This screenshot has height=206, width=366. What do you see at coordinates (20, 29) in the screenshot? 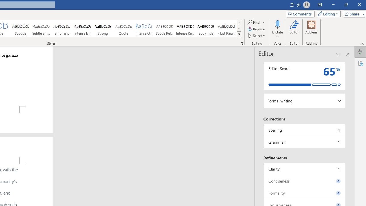
I see `'Subtitle'` at bounding box center [20, 29].